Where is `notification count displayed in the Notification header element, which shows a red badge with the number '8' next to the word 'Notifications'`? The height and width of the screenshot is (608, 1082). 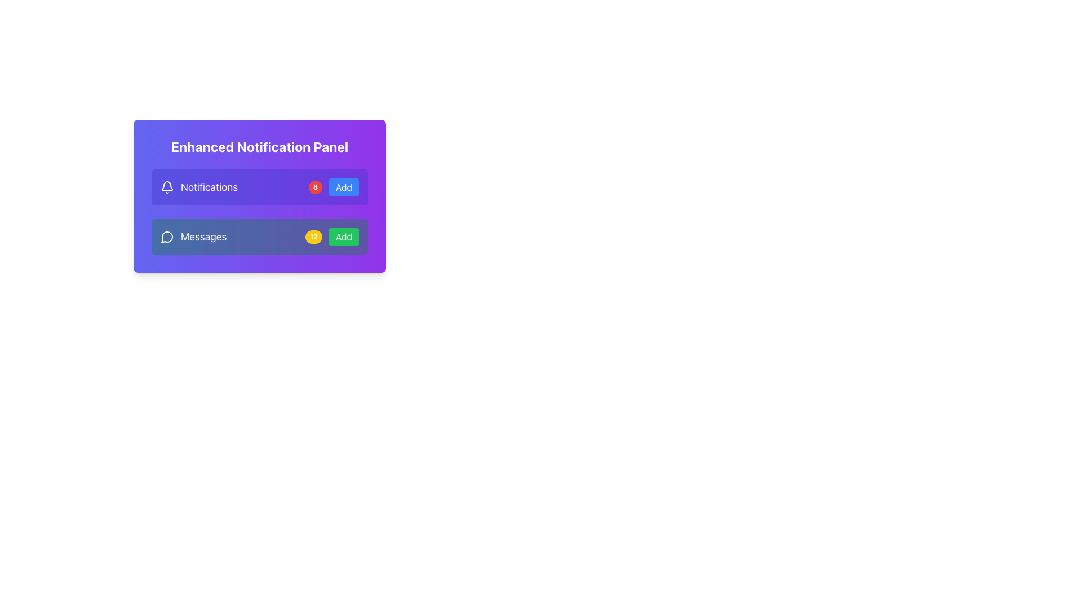 notification count displayed in the Notification header element, which shows a red badge with the number '8' next to the word 'Notifications' is located at coordinates (259, 186).